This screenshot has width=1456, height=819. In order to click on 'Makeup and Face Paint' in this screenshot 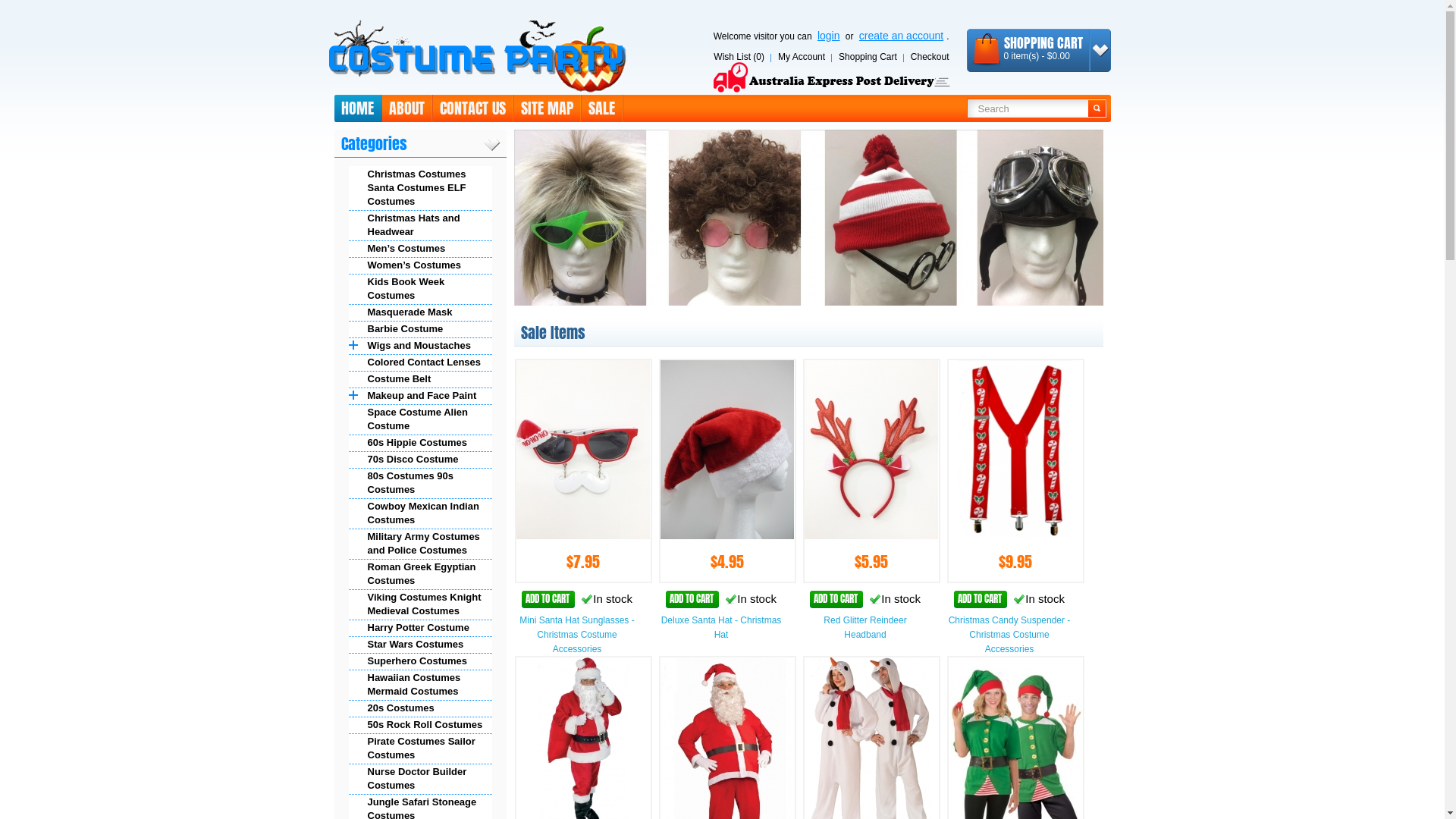, I will do `click(420, 394)`.